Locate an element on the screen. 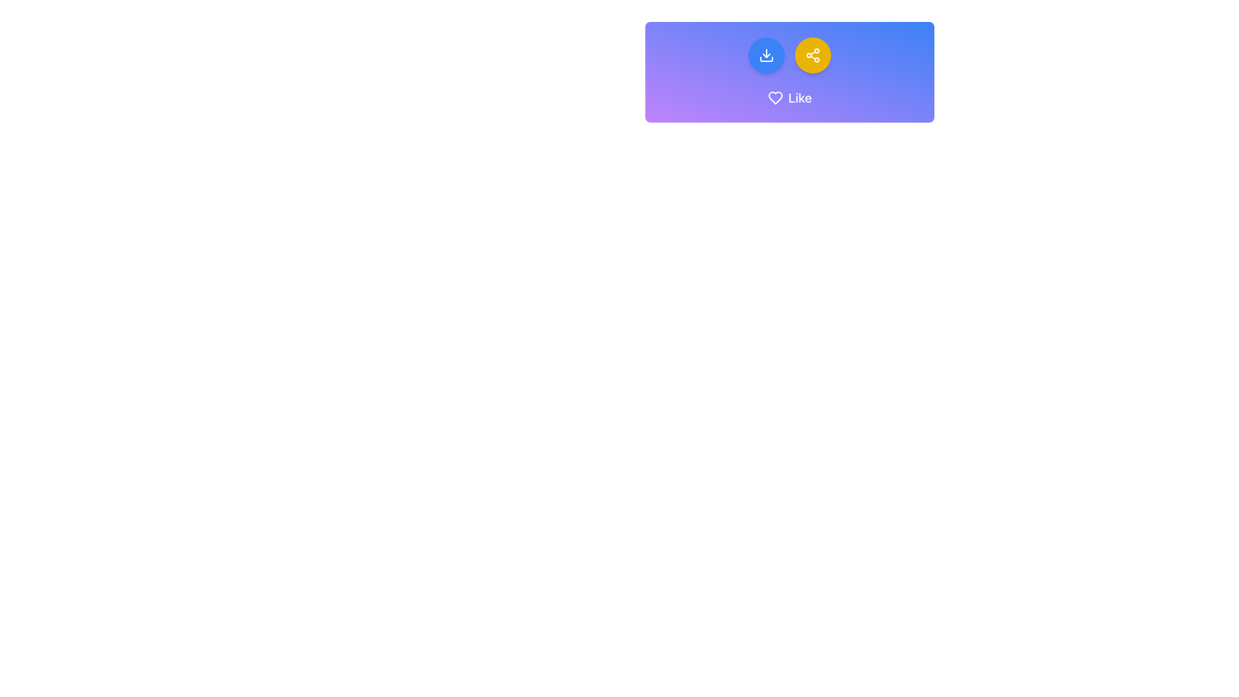 The height and width of the screenshot is (697, 1239). the Label with a white heart icon and the text 'Like' on a purple gradient background, which is positioned beneath two circular buttons is located at coordinates (789, 97).